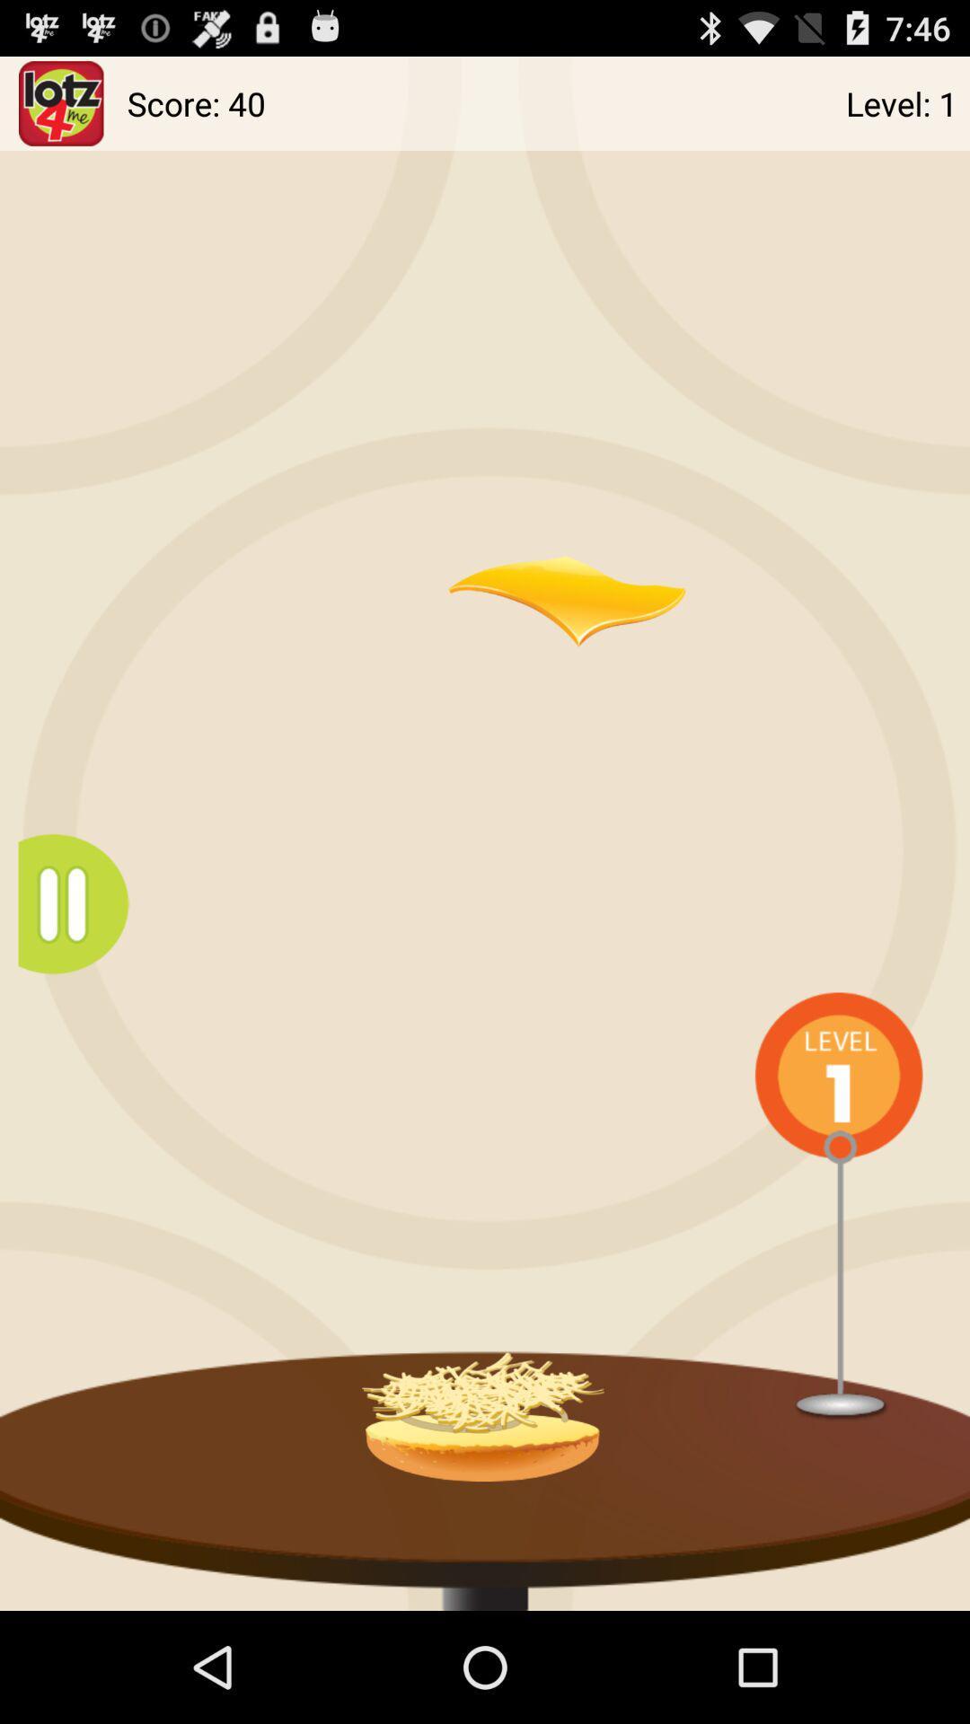  Describe the element at coordinates (60, 102) in the screenshot. I see `the item next to score: 40 app` at that location.